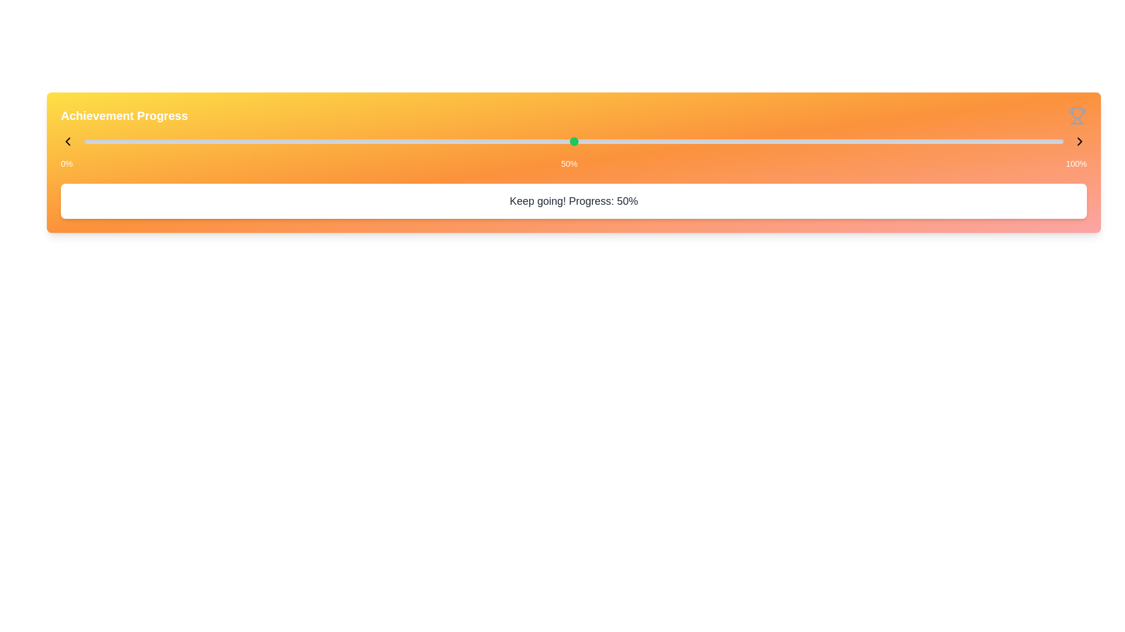 This screenshot has width=1125, height=632. I want to click on progress information from the text label that displays 'Keep going! Progress: 50%' located beneath the orange progress bar, so click(574, 200).